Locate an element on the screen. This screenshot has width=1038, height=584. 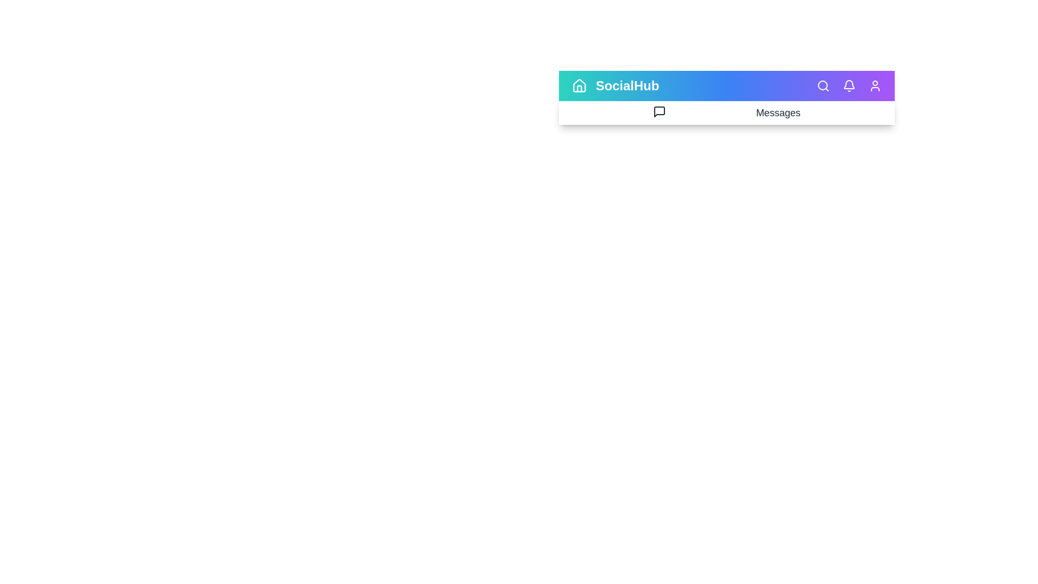
the home icon to navigate to the home page is located at coordinates (578, 85).